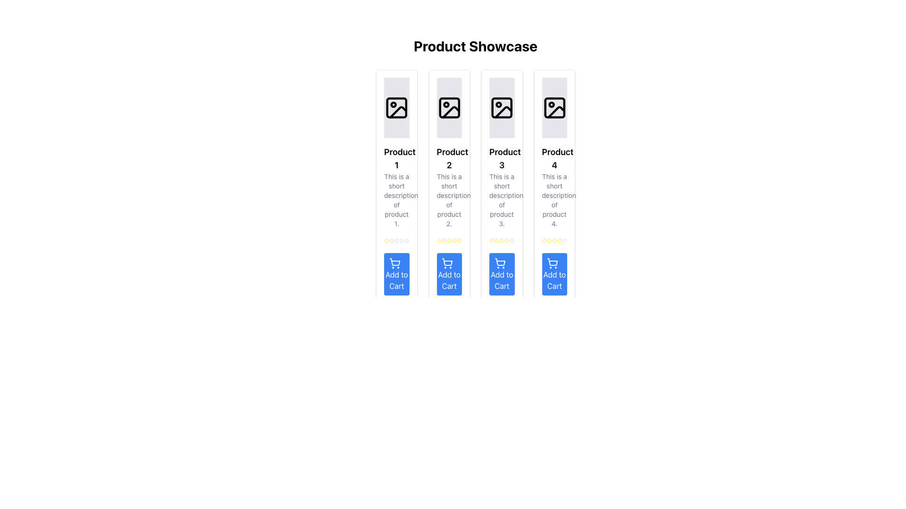 This screenshot has height=509, width=906. Describe the element at coordinates (449, 240) in the screenshot. I see `the second star icon in the rating bar for 'Product 2', which is located directly below the product description and above the 'Add to Cart' button` at that location.